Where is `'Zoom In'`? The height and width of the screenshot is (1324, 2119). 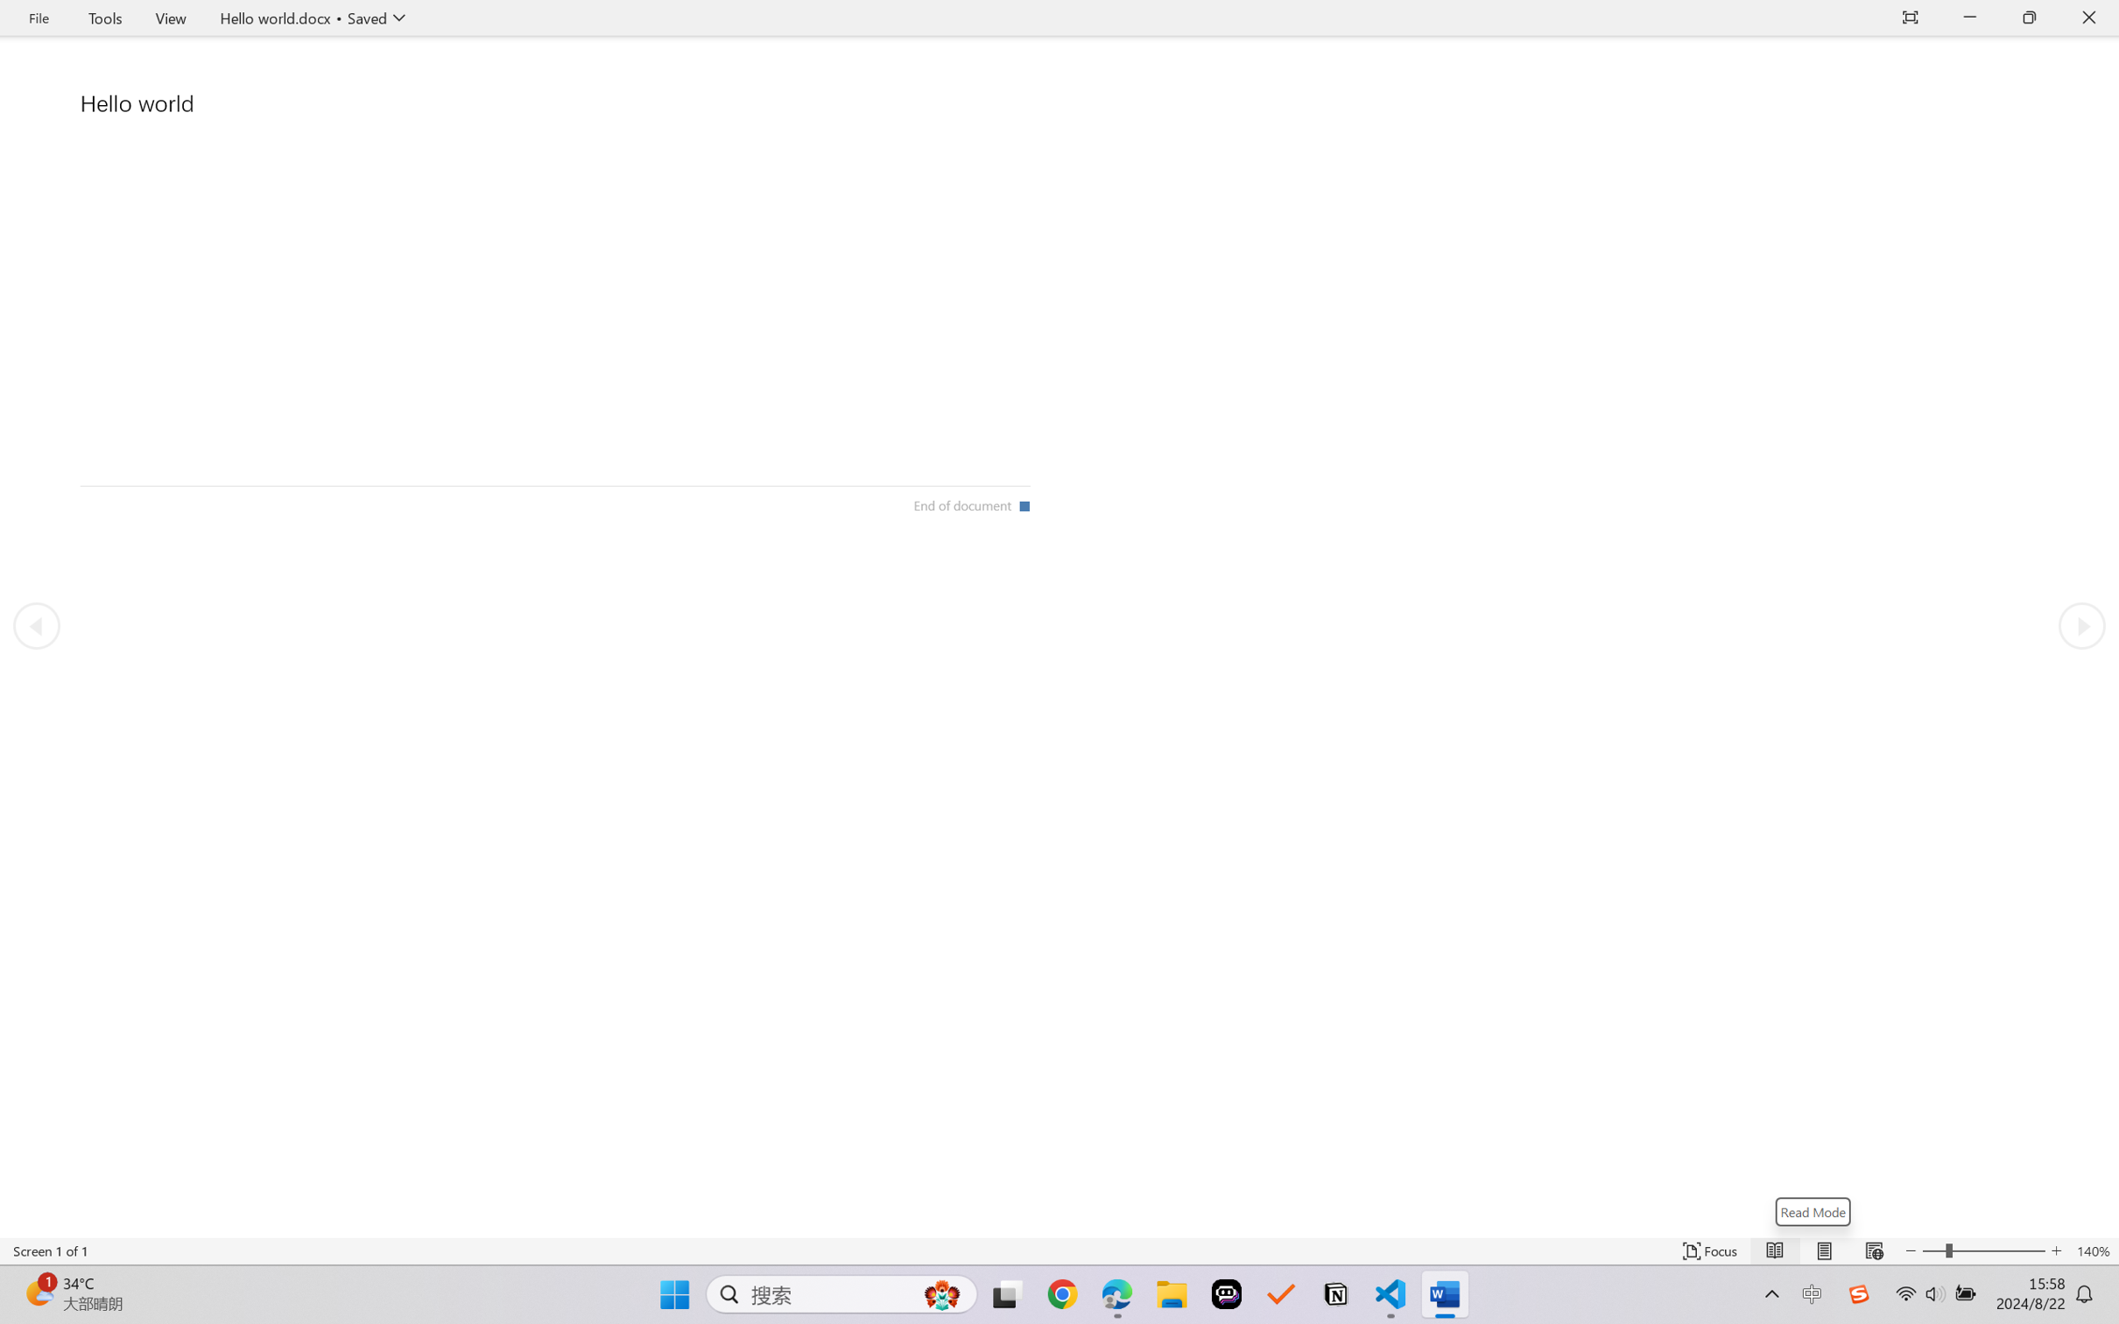 'Zoom In' is located at coordinates (1998, 1250).